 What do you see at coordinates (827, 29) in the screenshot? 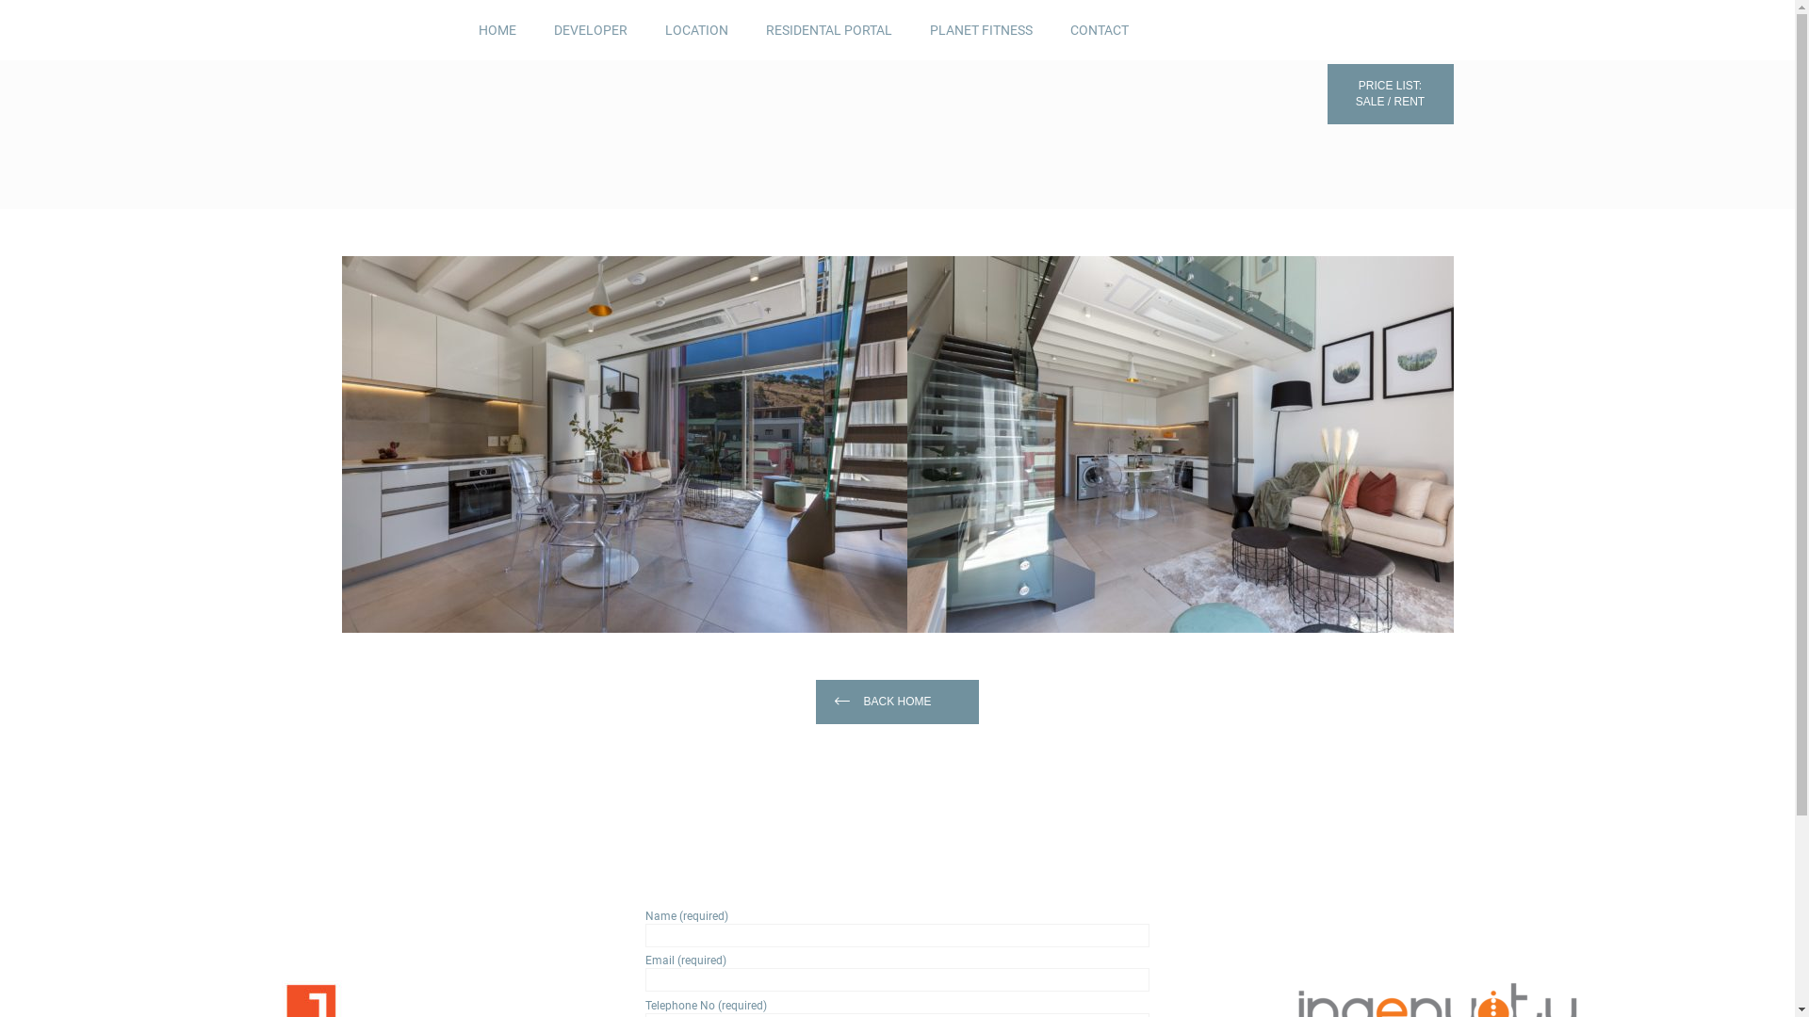
I see `'RESIDENTAL PORTAL'` at bounding box center [827, 29].